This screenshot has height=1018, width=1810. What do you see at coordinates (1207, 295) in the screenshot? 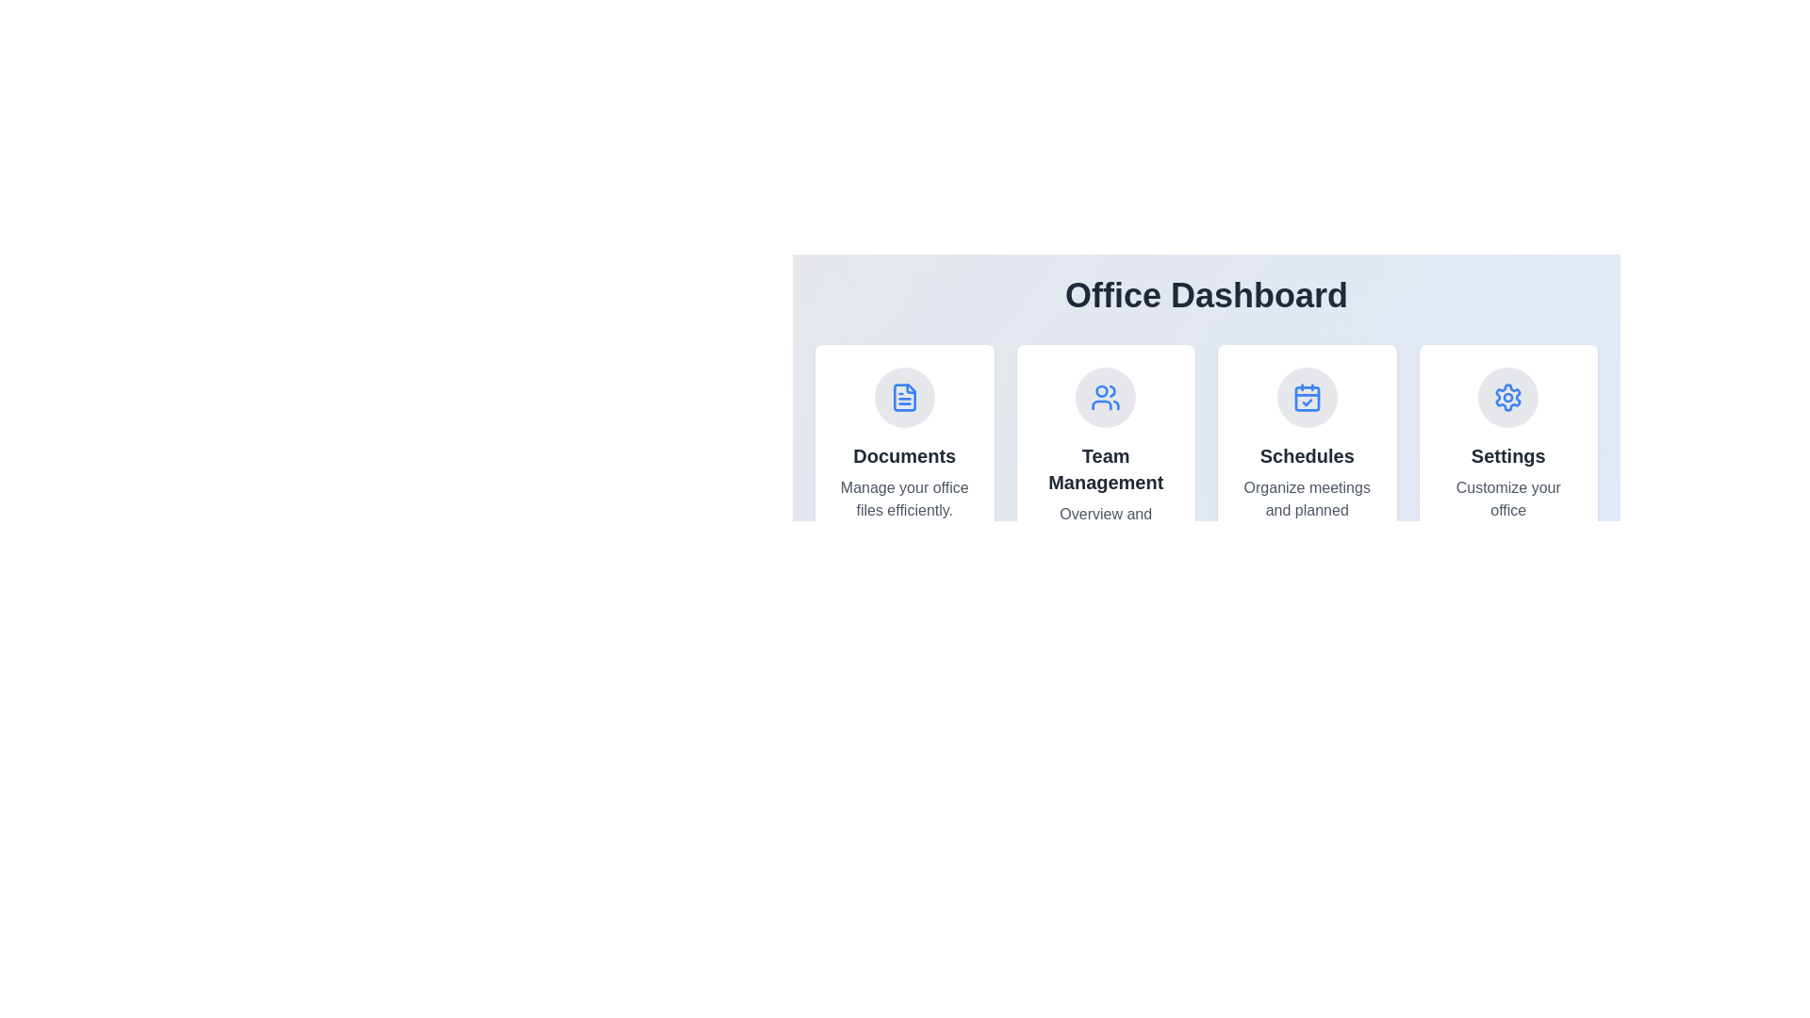
I see `the bold, centered headline 'Office Dashboard' located at the top of the content with a gradient background` at bounding box center [1207, 295].